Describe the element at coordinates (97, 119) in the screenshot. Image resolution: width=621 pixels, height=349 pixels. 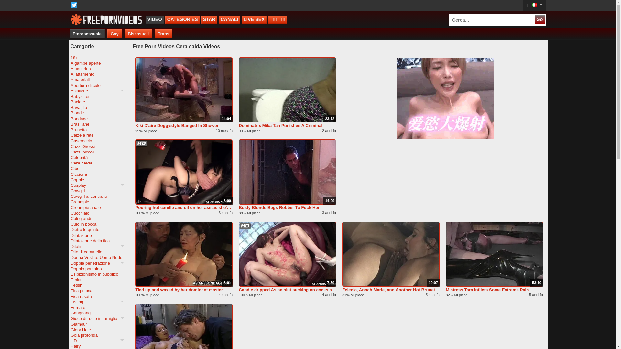
I see `'Bondage'` at that location.